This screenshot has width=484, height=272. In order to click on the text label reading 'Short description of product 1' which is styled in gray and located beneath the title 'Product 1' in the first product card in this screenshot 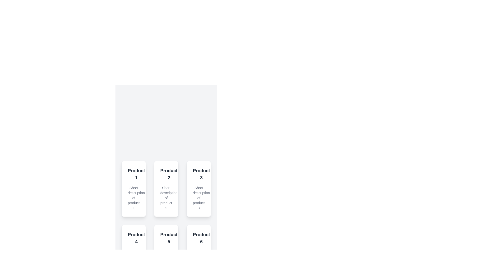, I will do `click(134, 198)`.